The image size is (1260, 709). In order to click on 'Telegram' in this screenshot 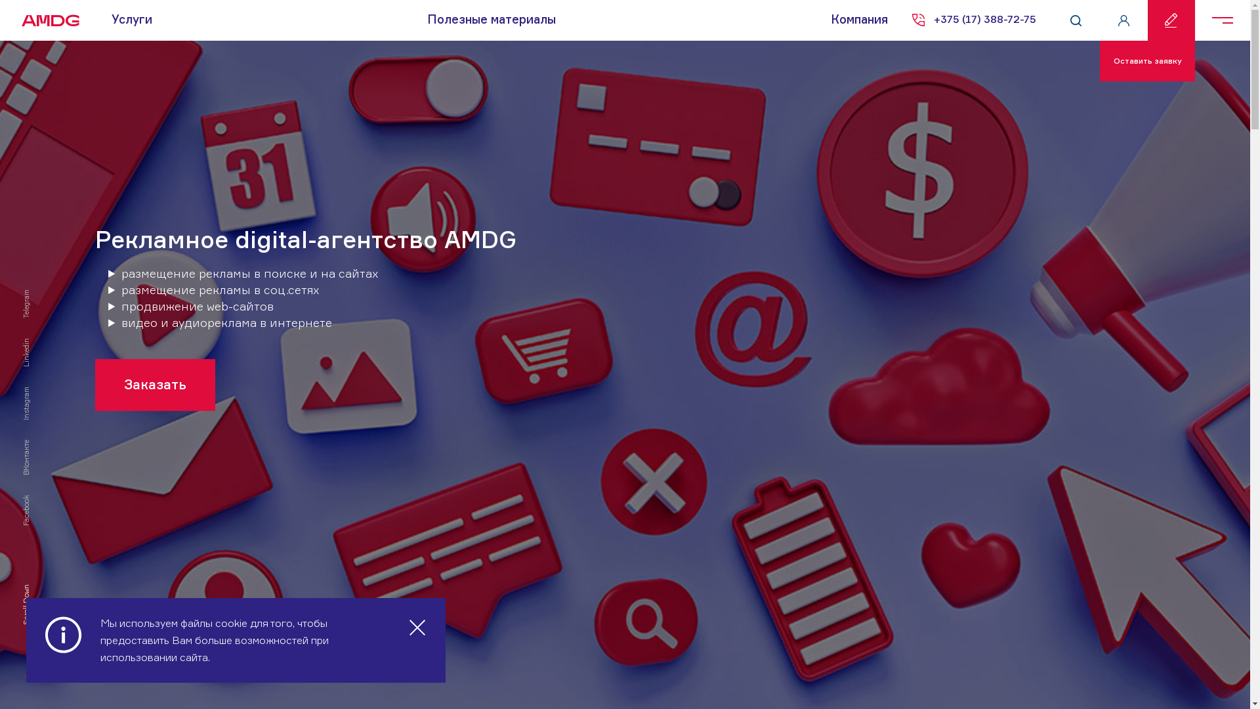, I will do `click(35, 293)`.